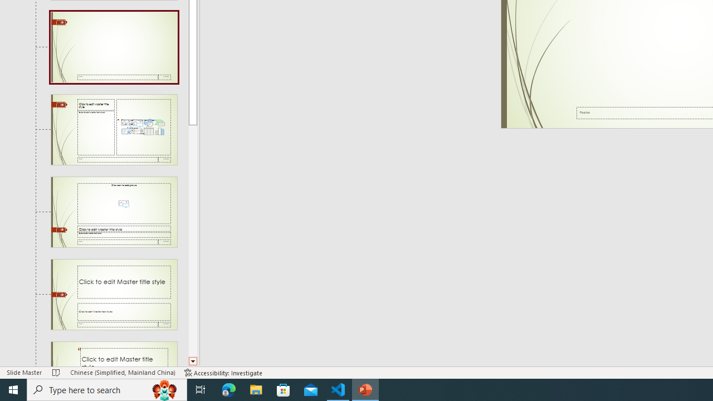 The height and width of the screenshot is (401, 713). What do you see at coordinates (223, 373) in the screenshot?
I see `'Accessibility Checker Accessibility: Investigate'` at bounding box center [223, 373].